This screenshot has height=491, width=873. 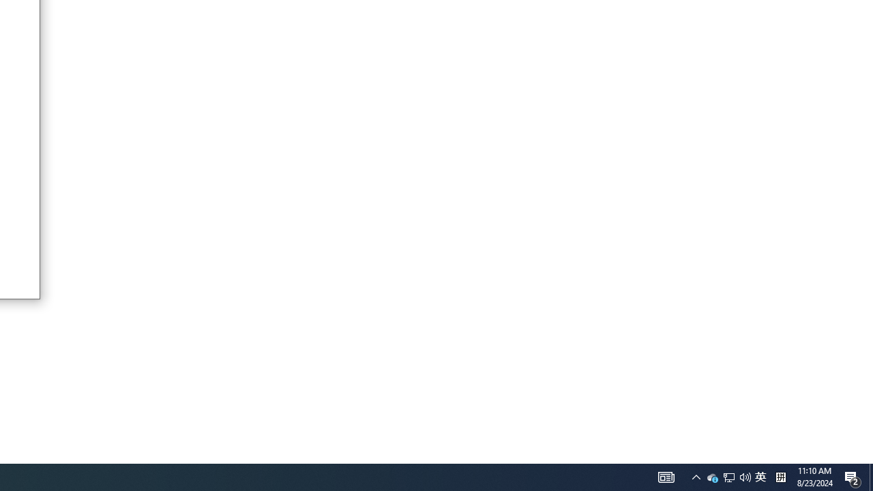 What do you see at coordinates (666, 476) in the screenshot?
I see `'AutomationID: 4105'` at bounding box center [666, 476].